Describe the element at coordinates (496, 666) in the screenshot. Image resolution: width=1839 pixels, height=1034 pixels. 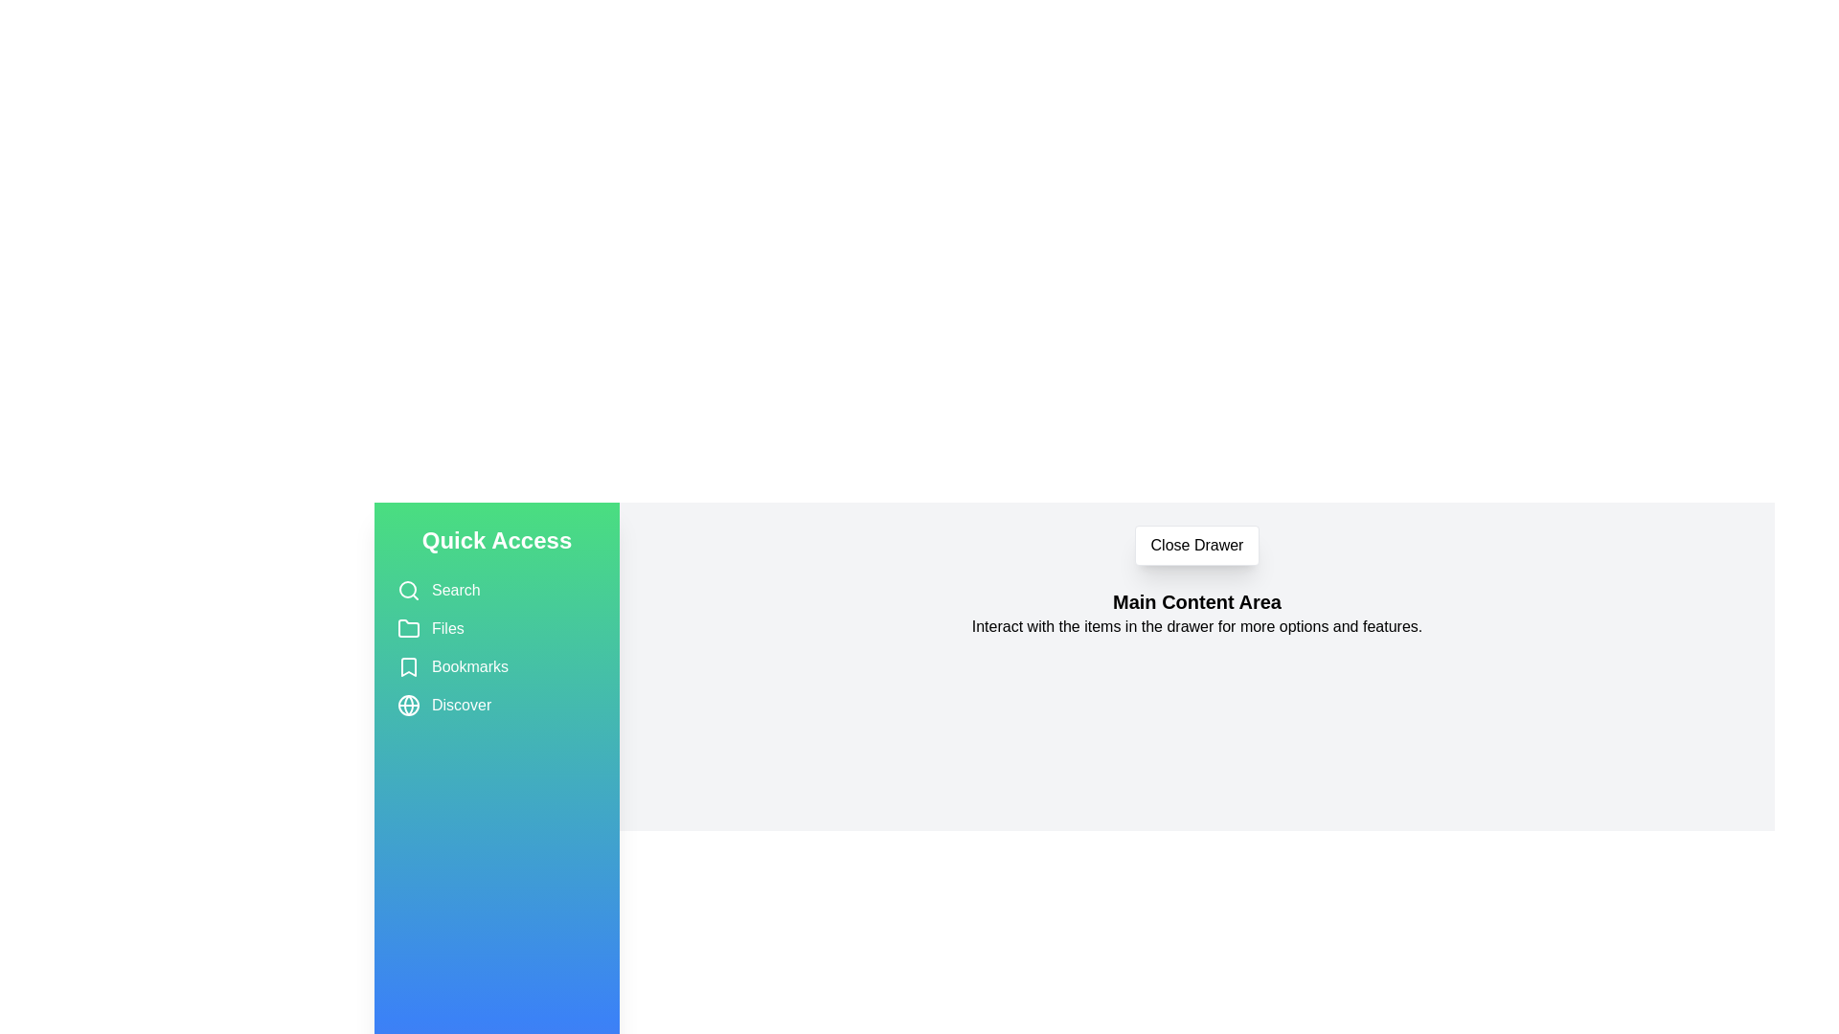
I see `the item Bookmarks in the drawer to select it` at that location.